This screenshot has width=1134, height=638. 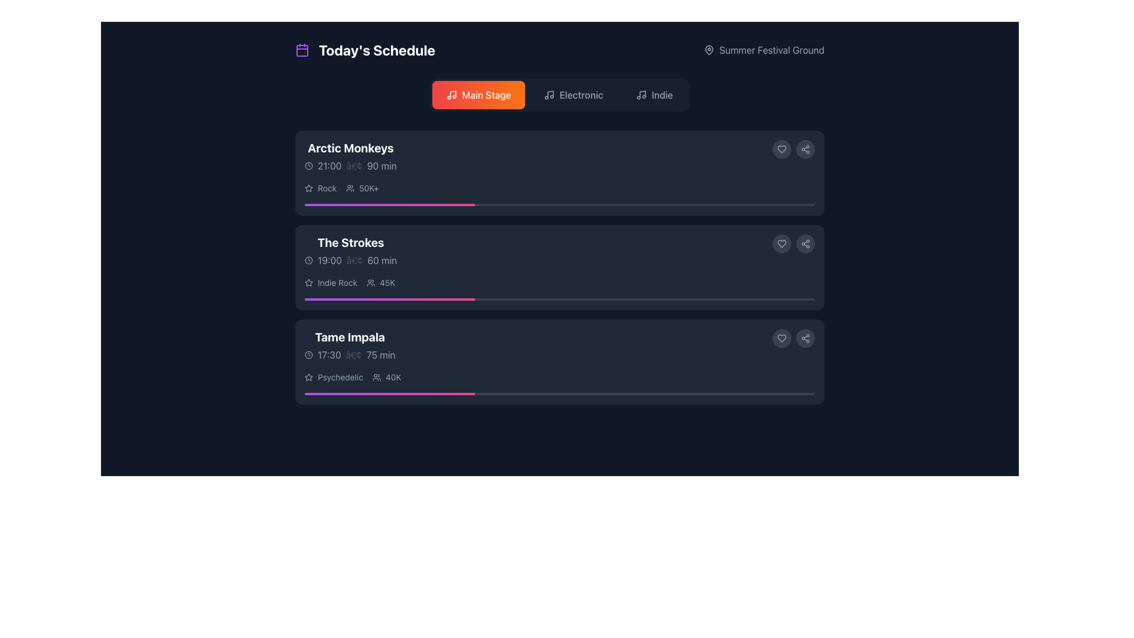 I want to click on the 'Main Stage' label within the button in the navigation bar, so click(x=486, y=95).